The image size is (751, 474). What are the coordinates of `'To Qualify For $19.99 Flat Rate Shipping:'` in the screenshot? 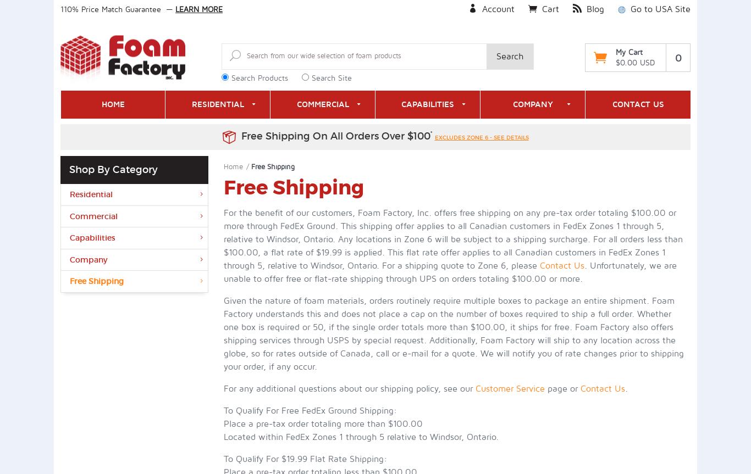 It's located at (305, 458).